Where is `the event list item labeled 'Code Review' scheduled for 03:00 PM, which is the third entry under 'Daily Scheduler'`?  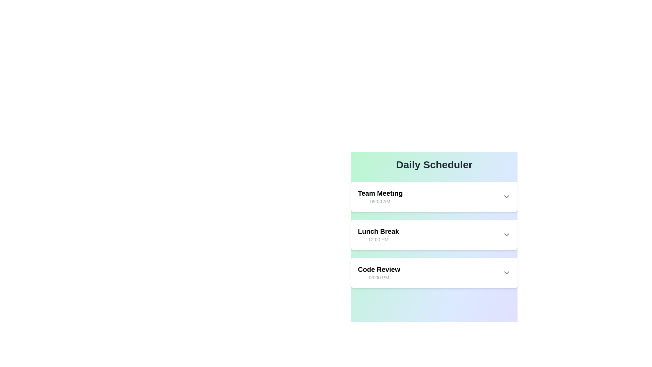
the event list item labeled 'Code Review' scheduled for 03:00 PM, which is the third entry under 'Daily Scheduler' is located at coordinates (379, 272).